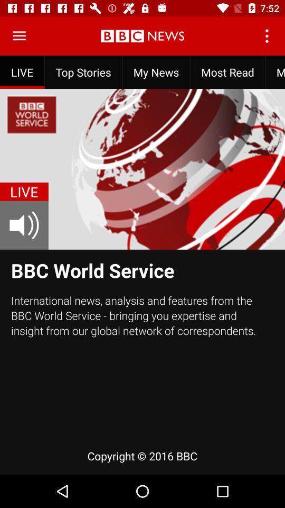 Image resolution: width=285 pixels, height=508 pixels. What do you see at coordinates (227, 71) in the screenshot?
I see `most read` at bounding box center [227, 71].